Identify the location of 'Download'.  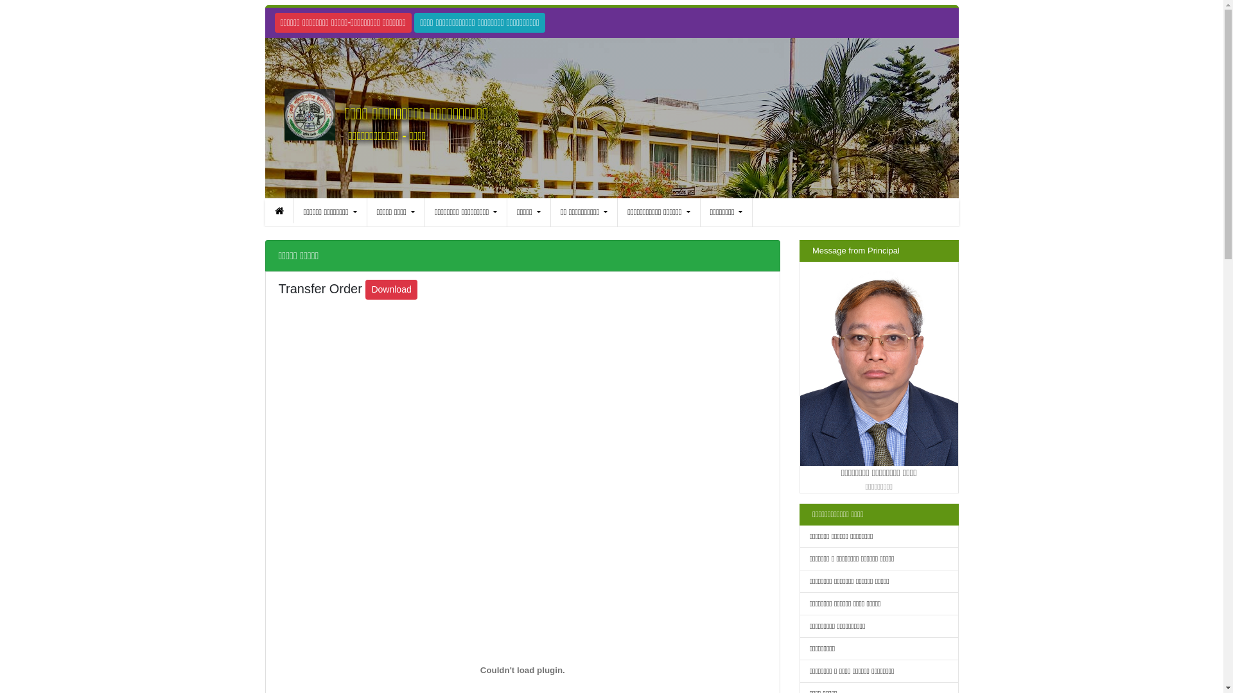
(390, 289).